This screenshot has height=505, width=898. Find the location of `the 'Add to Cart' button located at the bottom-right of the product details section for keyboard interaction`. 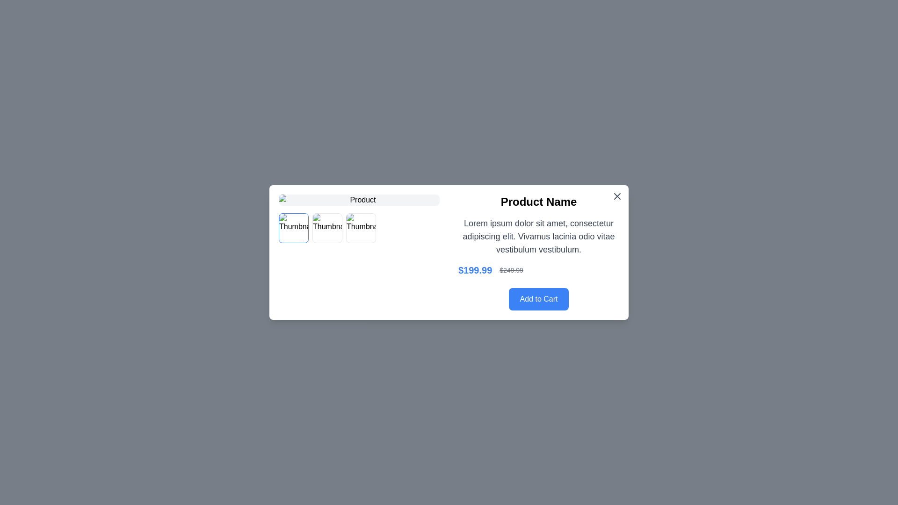

the 'Add to Cart' button located at the bottom-right of the product details section for keyboard interaction is located at coordinates (539, 299).